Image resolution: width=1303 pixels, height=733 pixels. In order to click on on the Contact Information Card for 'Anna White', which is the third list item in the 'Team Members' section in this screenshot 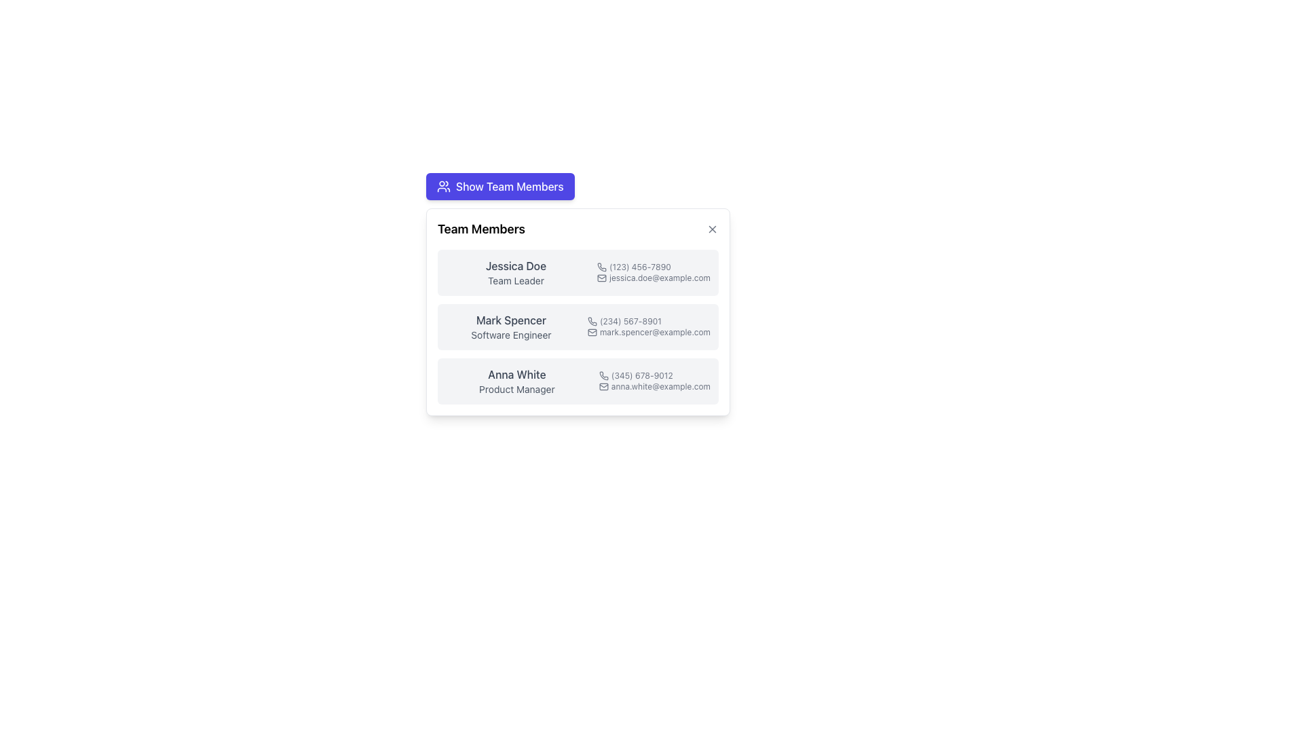, I will do `click(578, 381)`.